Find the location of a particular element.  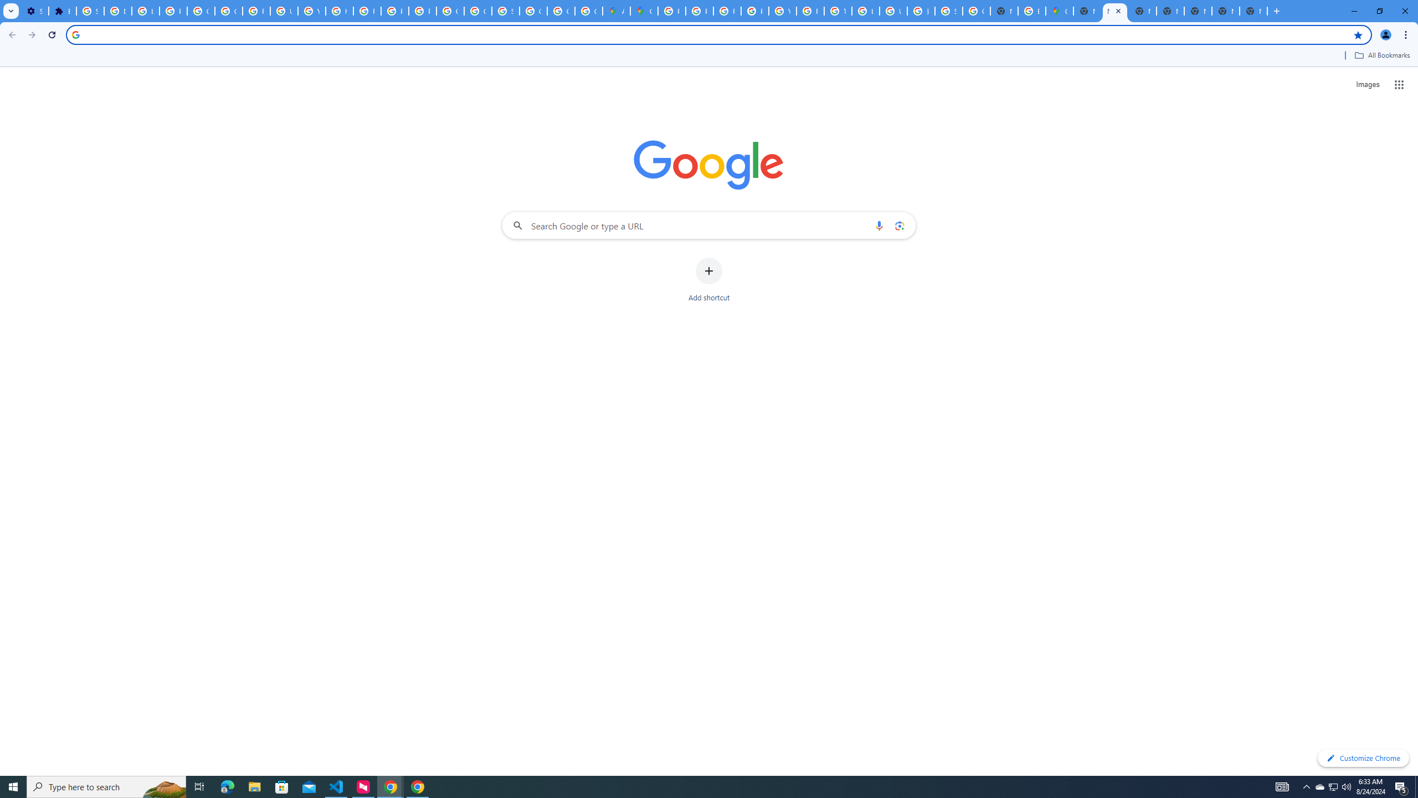

'Policy Accountability and Transparency - Transparency Center' is located at coordinates (671, 11).